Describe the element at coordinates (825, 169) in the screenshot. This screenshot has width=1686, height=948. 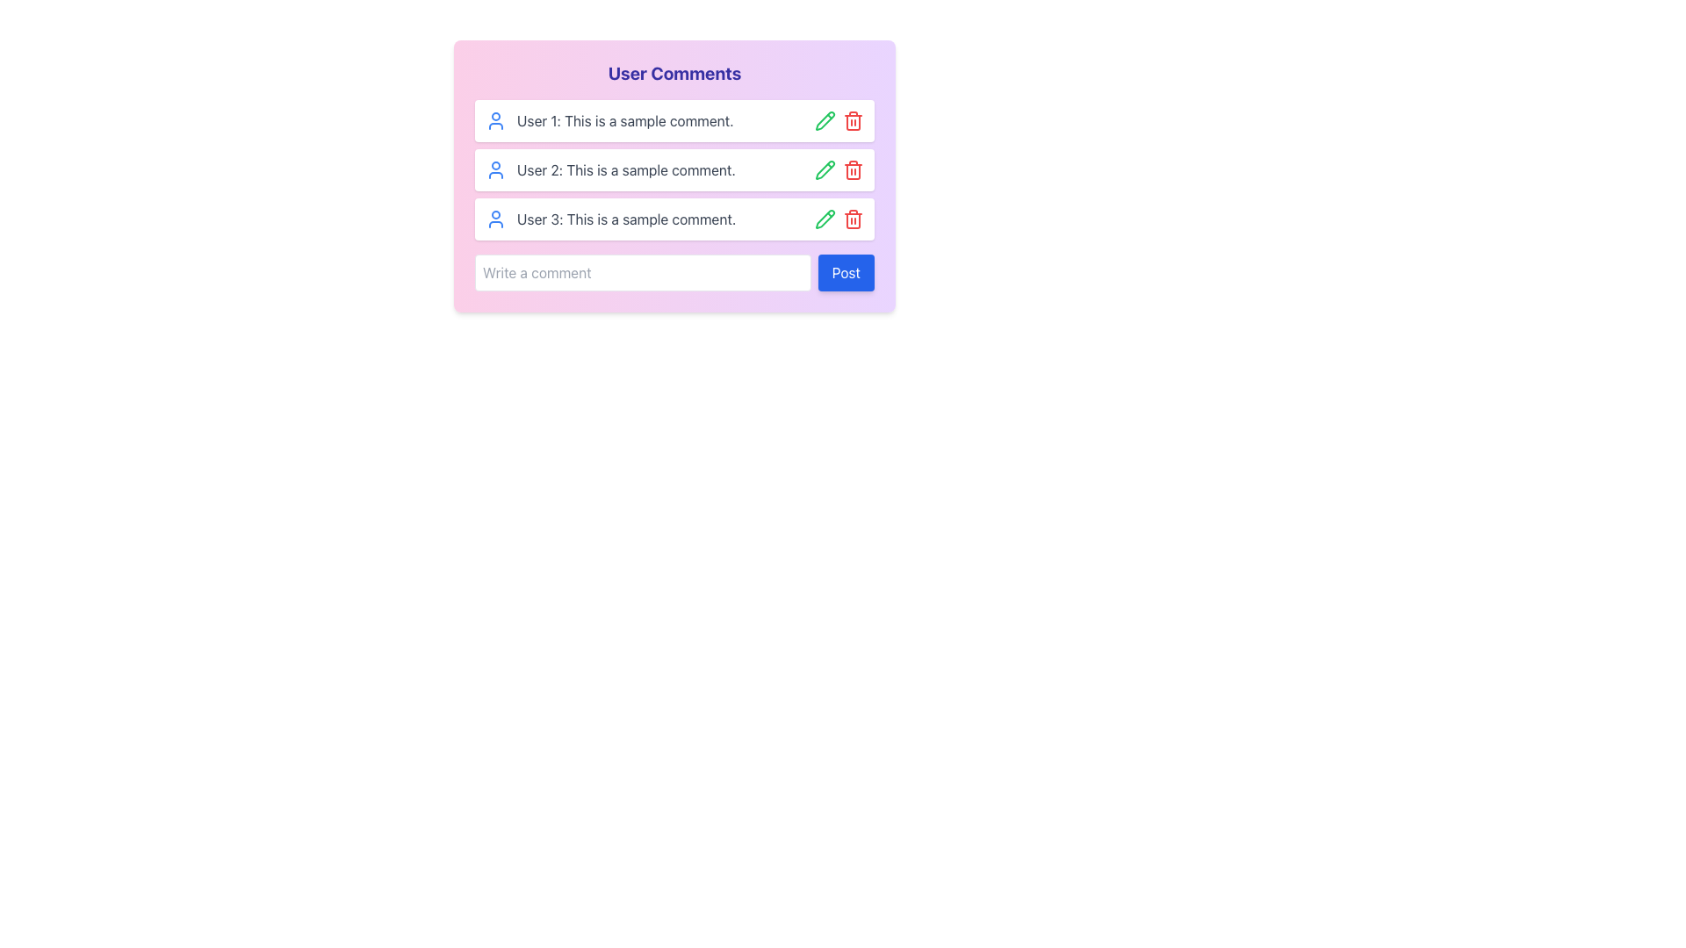
I see `the green pencil icon button next to User 1's comment` at that location.